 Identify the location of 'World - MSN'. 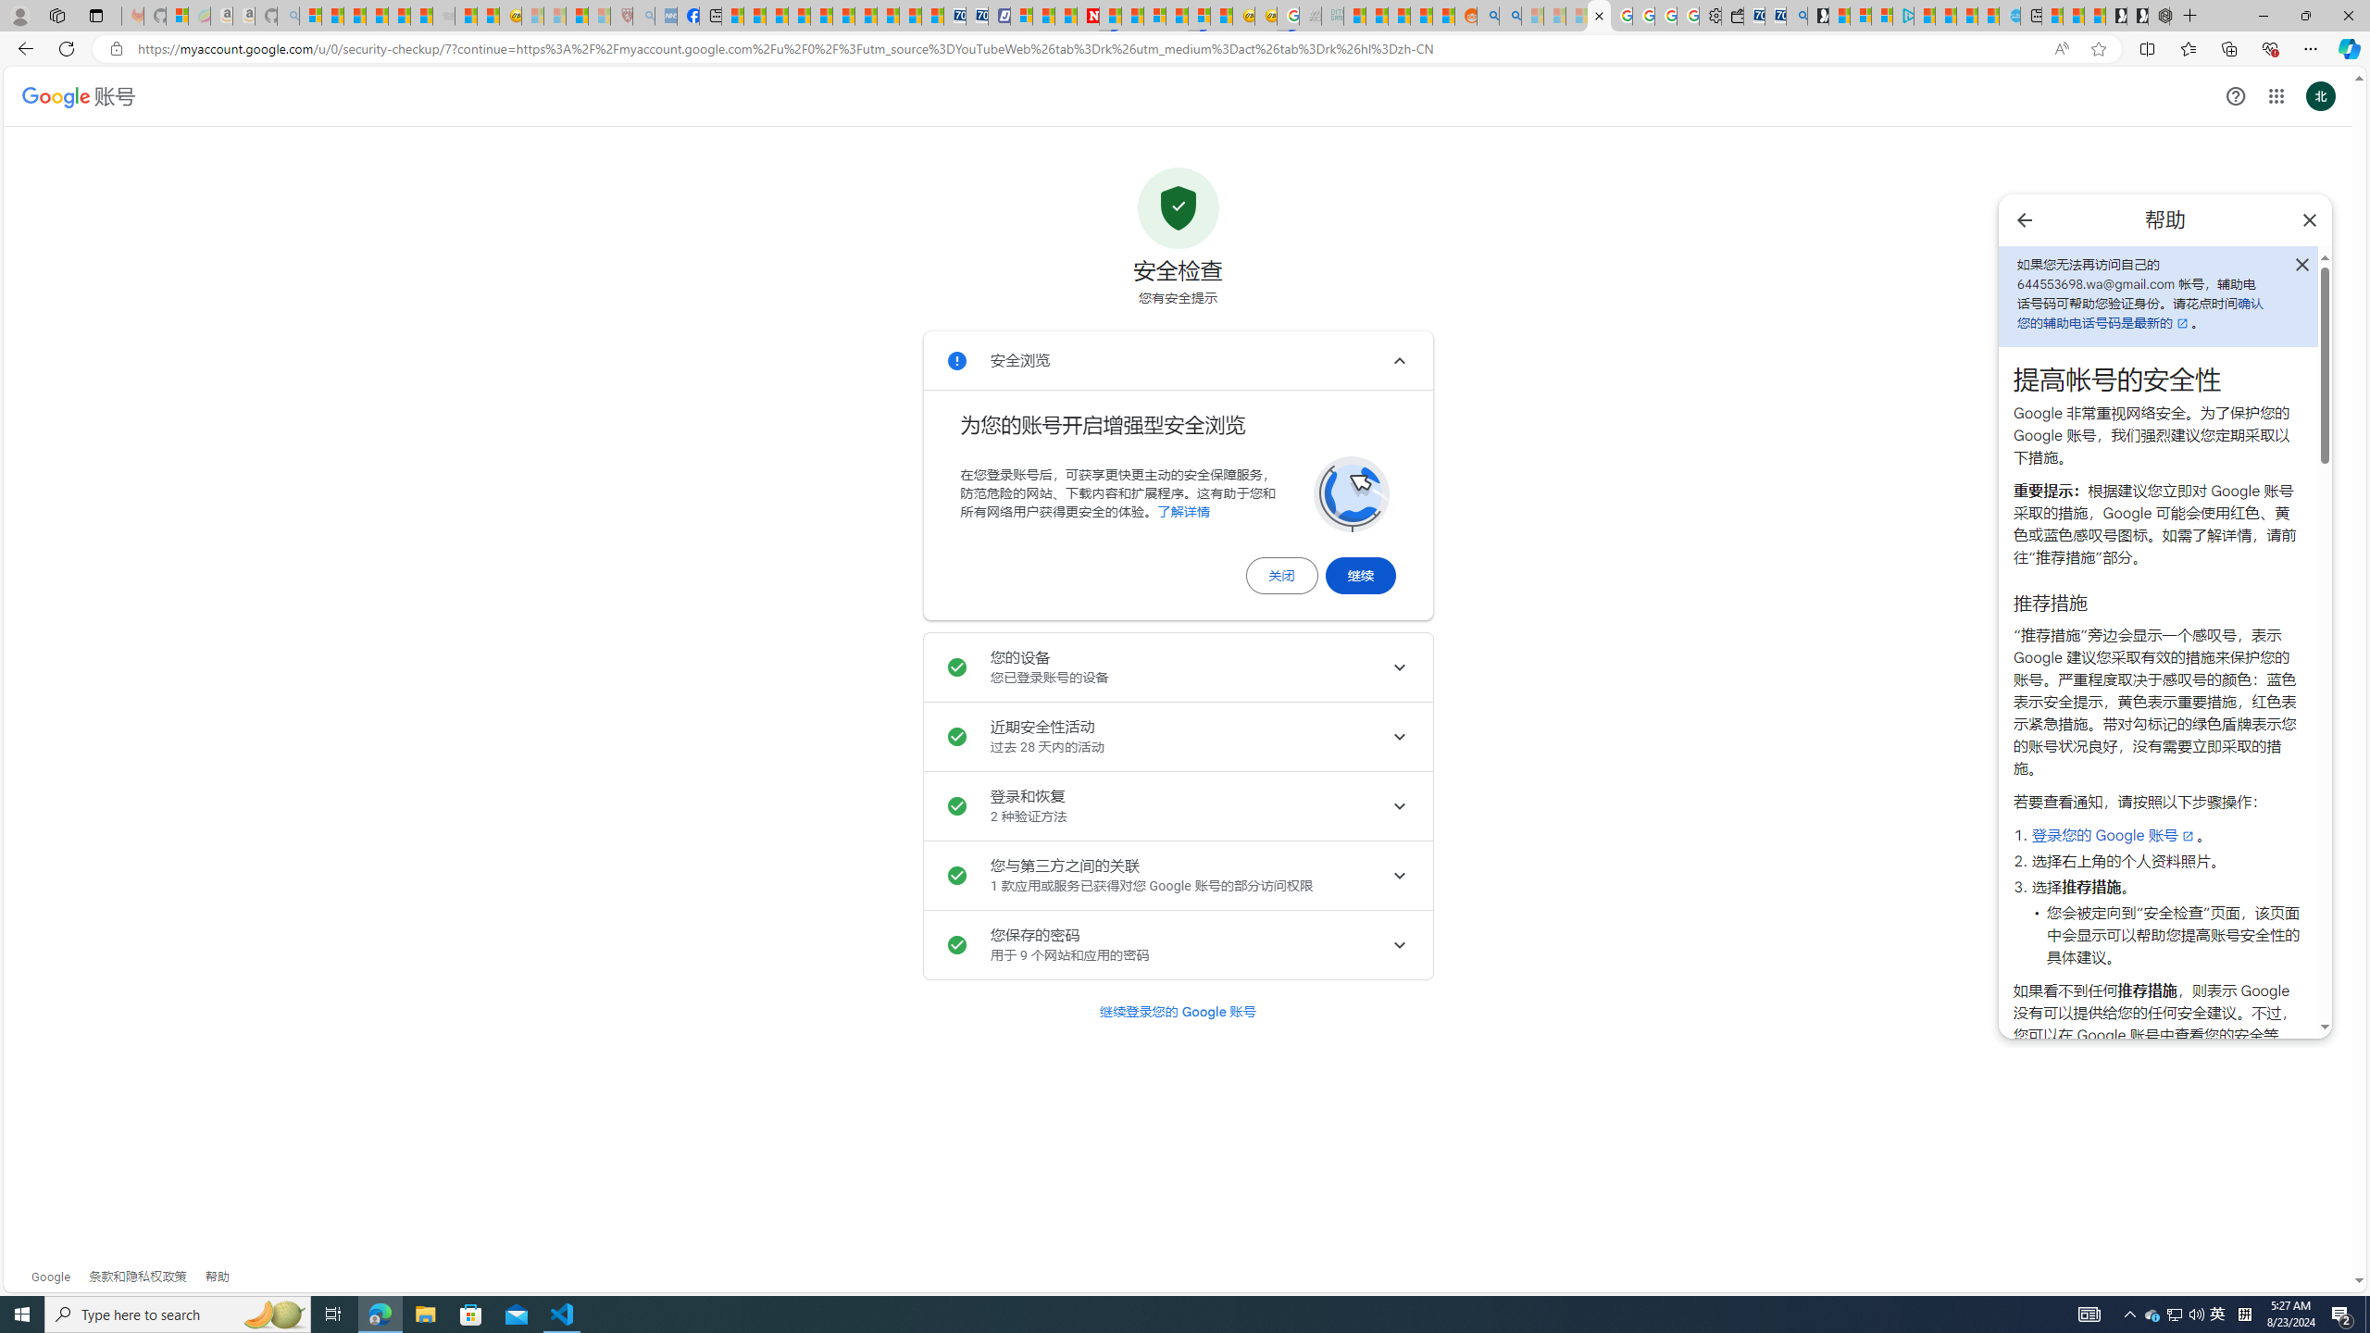
(777, 15).